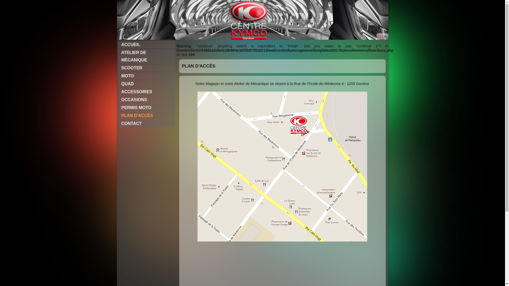 This screenshot has width=509, height=286. I want to click on 'MOTO', so click(147, 76).